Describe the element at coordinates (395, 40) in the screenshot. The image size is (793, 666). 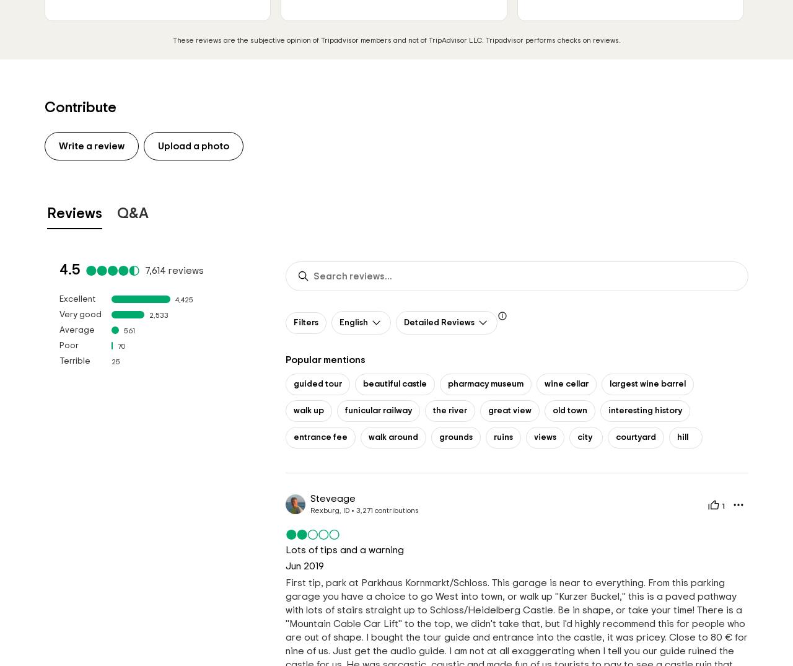
I see `'These reviews are the subjective opinion of Tripadvisor members and not of TripAdvisor LLC. Tripadvisor performs checks on reviews.'` at that location.